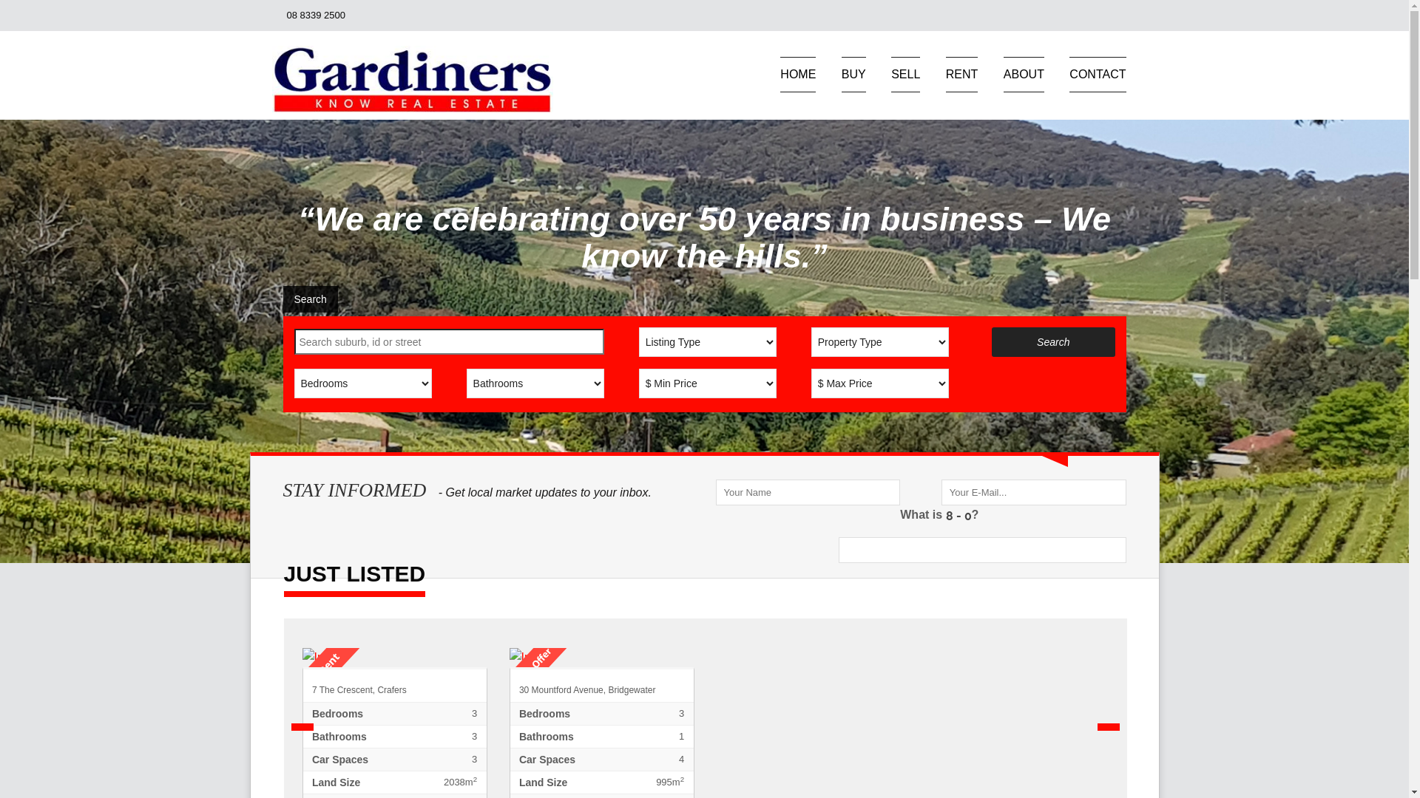  Describe the element at coordinates (944, 74) in the screenshot. I see `'RENT'` at that location.